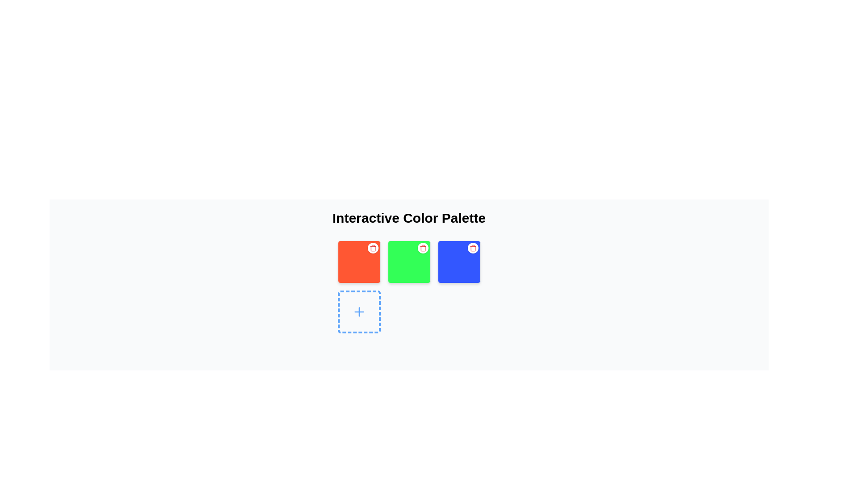  What do you see at coordinates (373, 248) in the screenshot?
I see `the rounded button located at the top-right corner of the vibrant red square box` at bounding box center [373, 248].